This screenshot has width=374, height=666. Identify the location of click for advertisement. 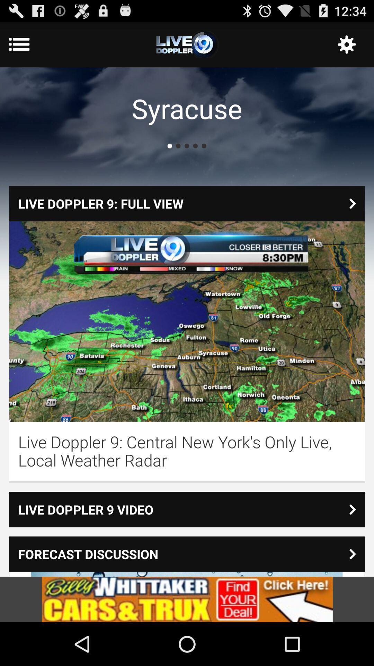
(187, 599).